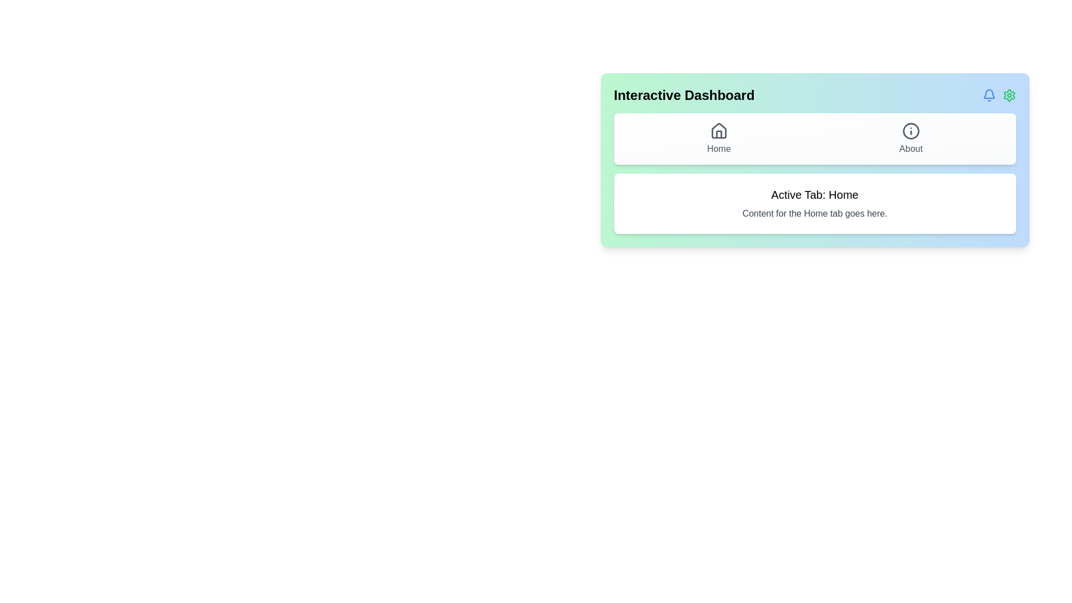 The height and width of the screenshot is (603, 1072). I want to click on the notification bell icon, which is a blue outlined bell positioned at the top-right corner of the interface, so click(989, 94).